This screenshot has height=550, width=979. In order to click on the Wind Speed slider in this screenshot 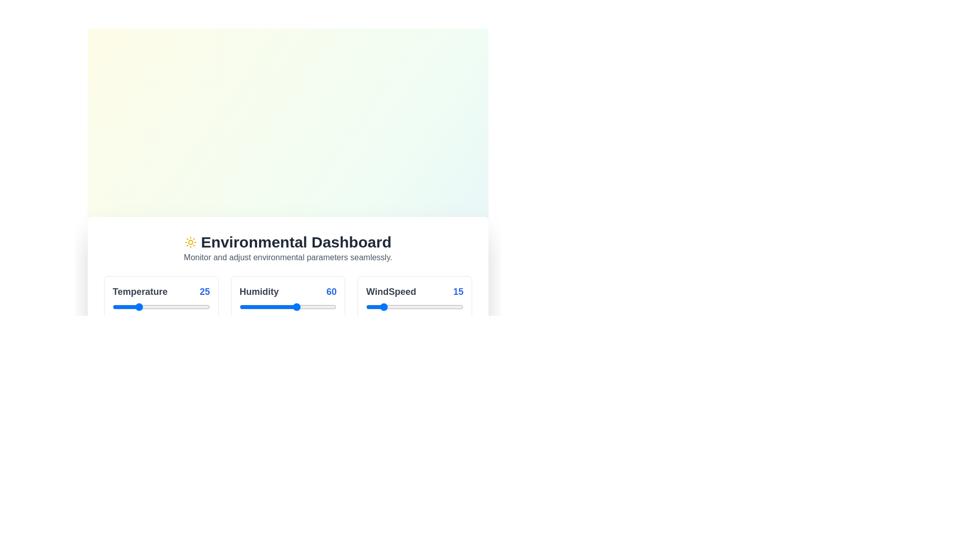, I will do `click(452, 306)`.